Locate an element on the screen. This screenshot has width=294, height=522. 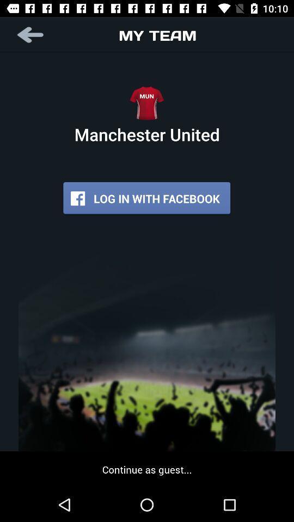
the continue as guest... app is located at coordinates (147, 469).